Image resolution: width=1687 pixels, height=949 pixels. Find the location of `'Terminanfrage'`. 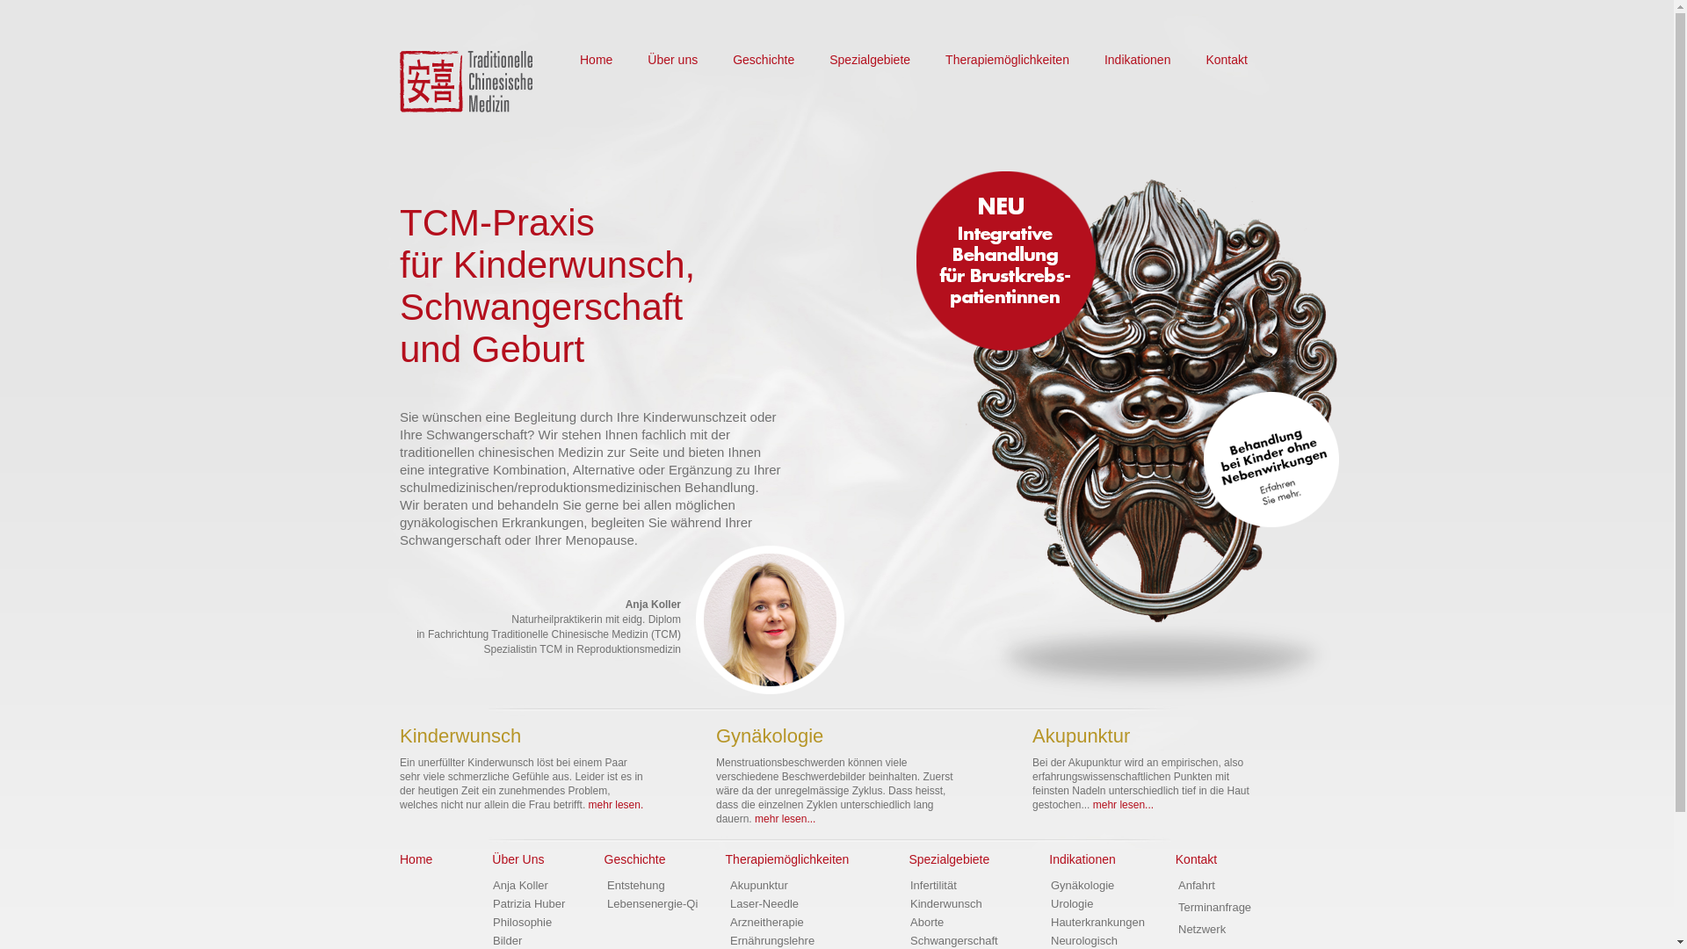

'Terminanfrage' is located at coordinates (1213, 907).